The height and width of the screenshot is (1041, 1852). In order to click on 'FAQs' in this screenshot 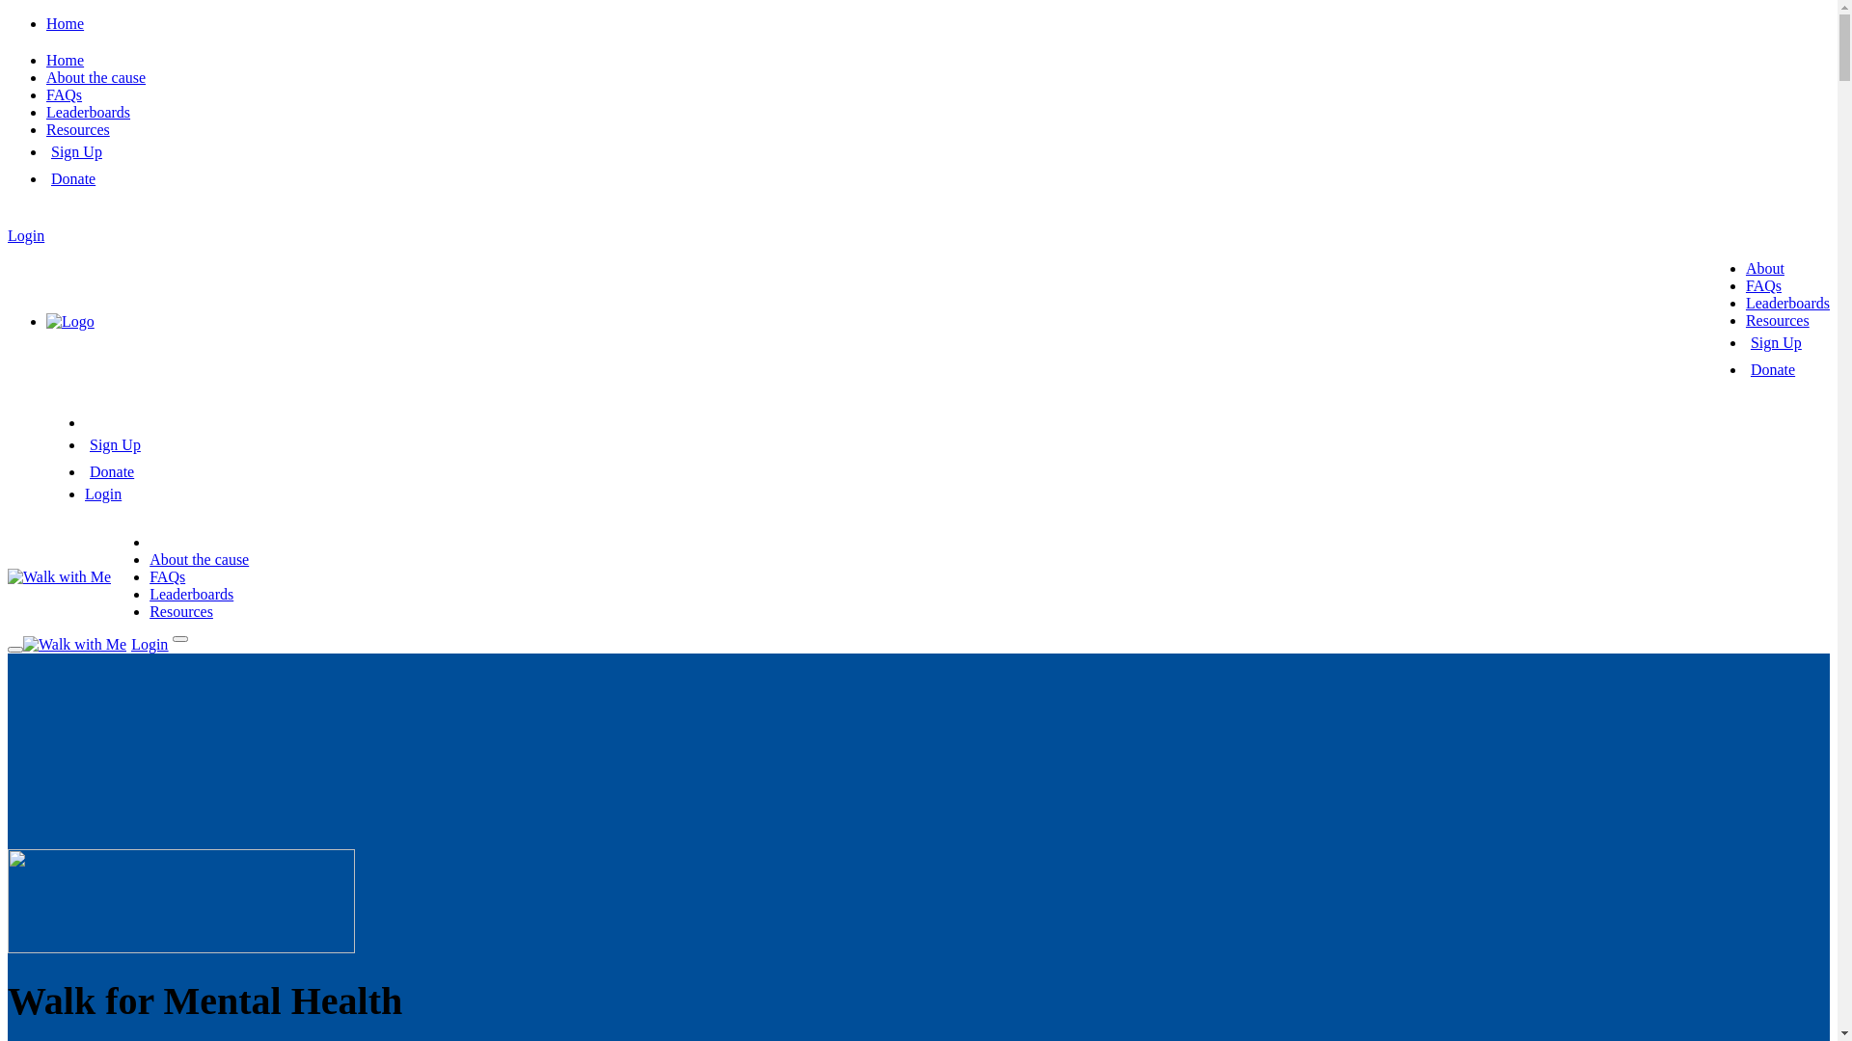, I will do `click(1745, 285)`.